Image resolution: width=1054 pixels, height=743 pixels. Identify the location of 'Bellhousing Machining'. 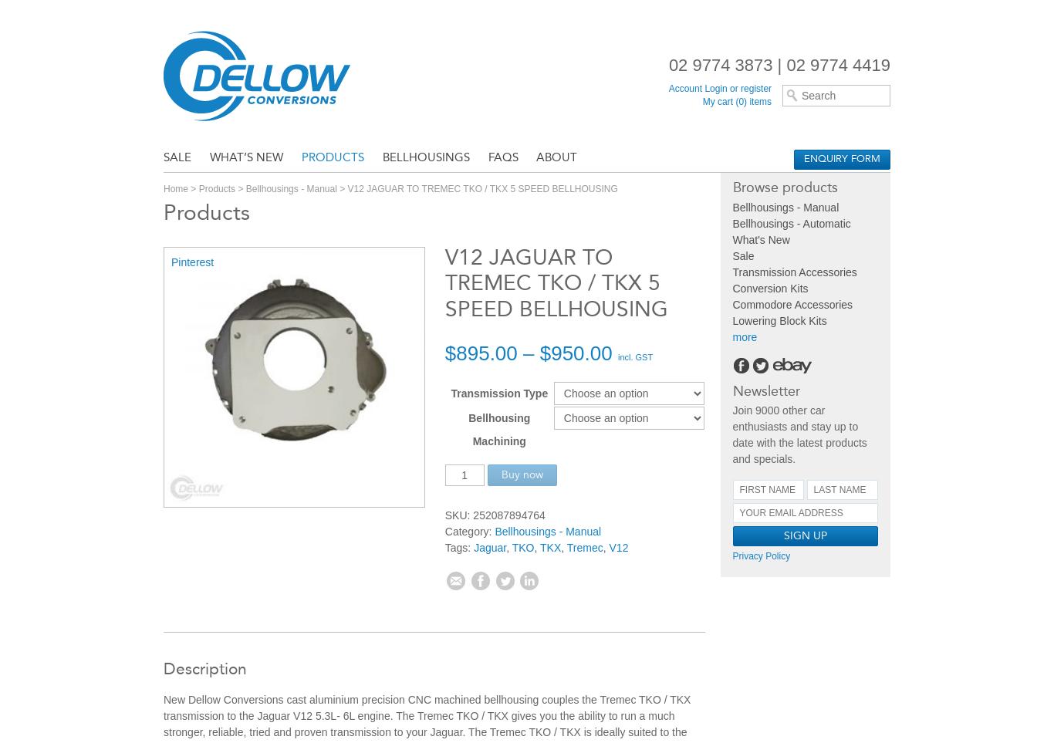
(498, 428).